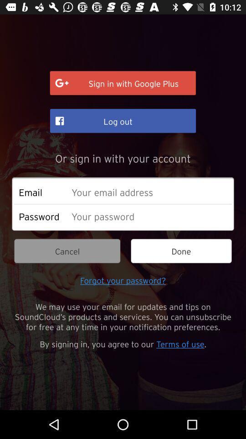  I want to click on log out item, so click(123, 120).